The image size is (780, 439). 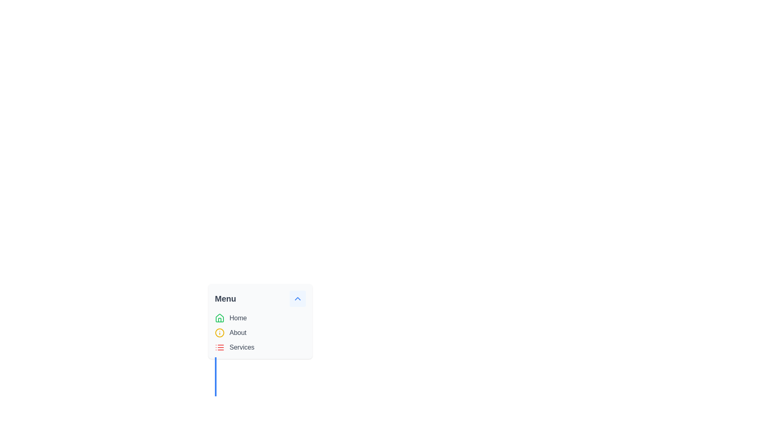 I want to click on the menu panel with navigation links to allow keyboard navigation through options like 'Home', 'About', and 'Services', so click(x=260, y=321).